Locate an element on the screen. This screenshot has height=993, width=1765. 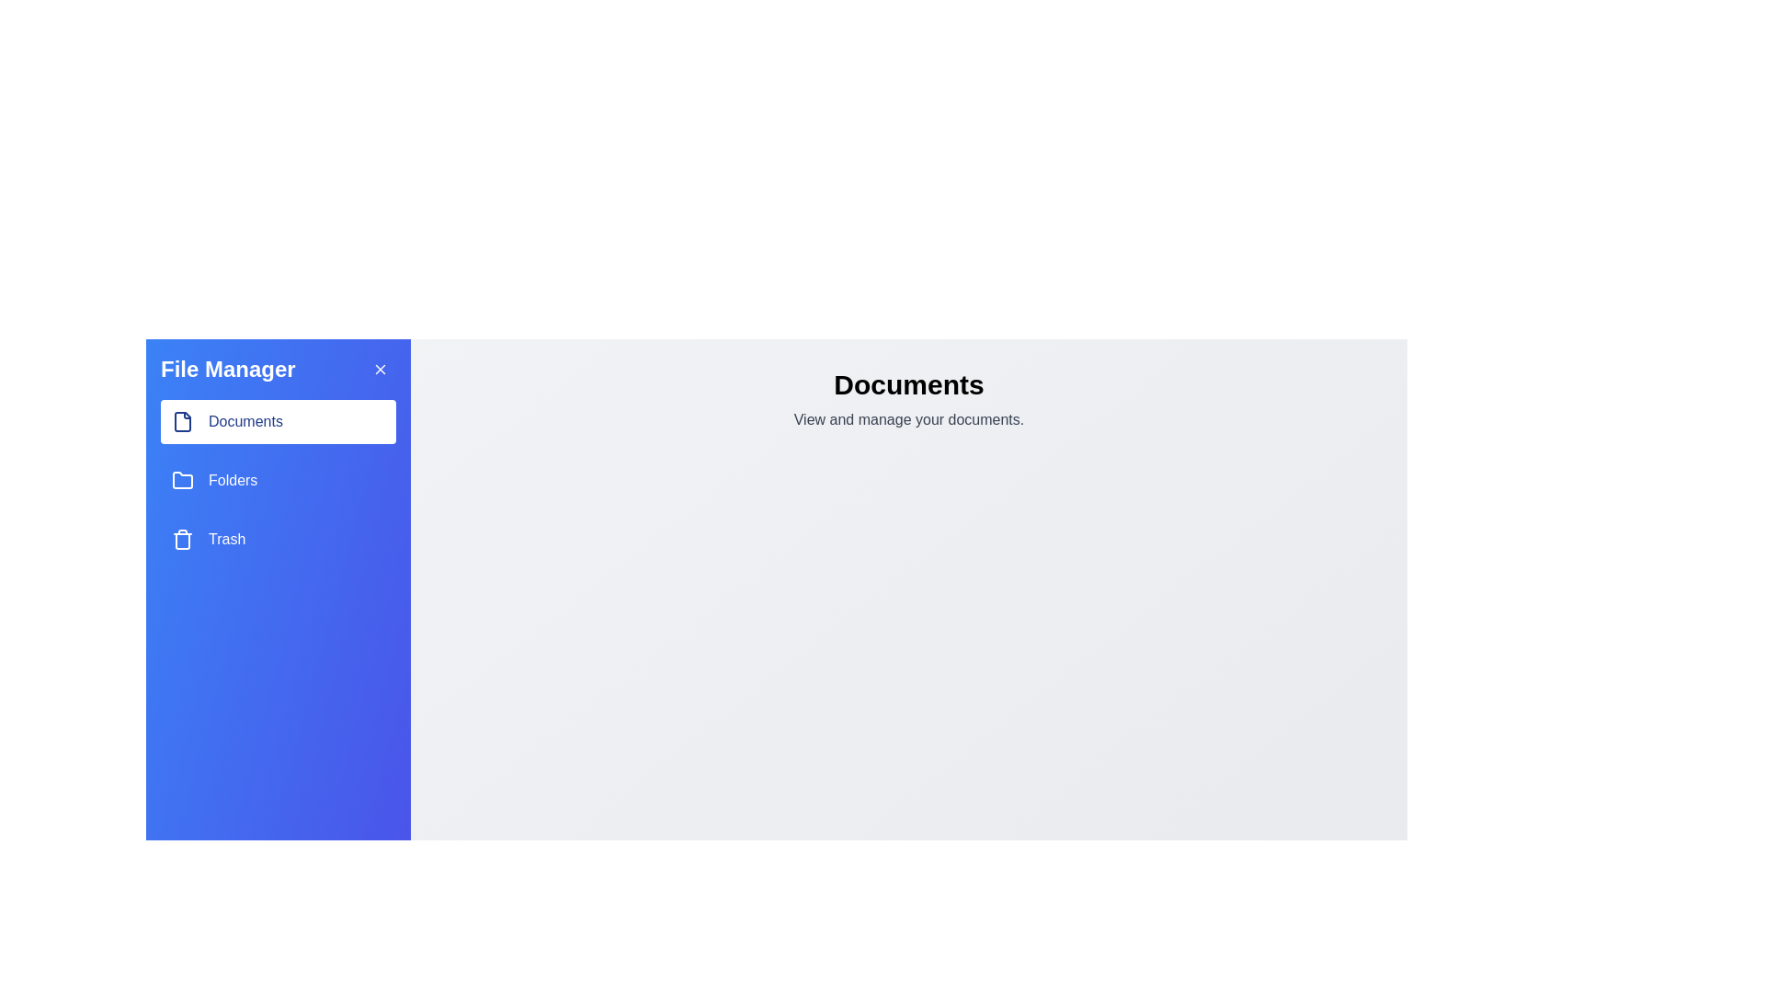
the Documents in the sidebar is located at coordinates (277, 422).